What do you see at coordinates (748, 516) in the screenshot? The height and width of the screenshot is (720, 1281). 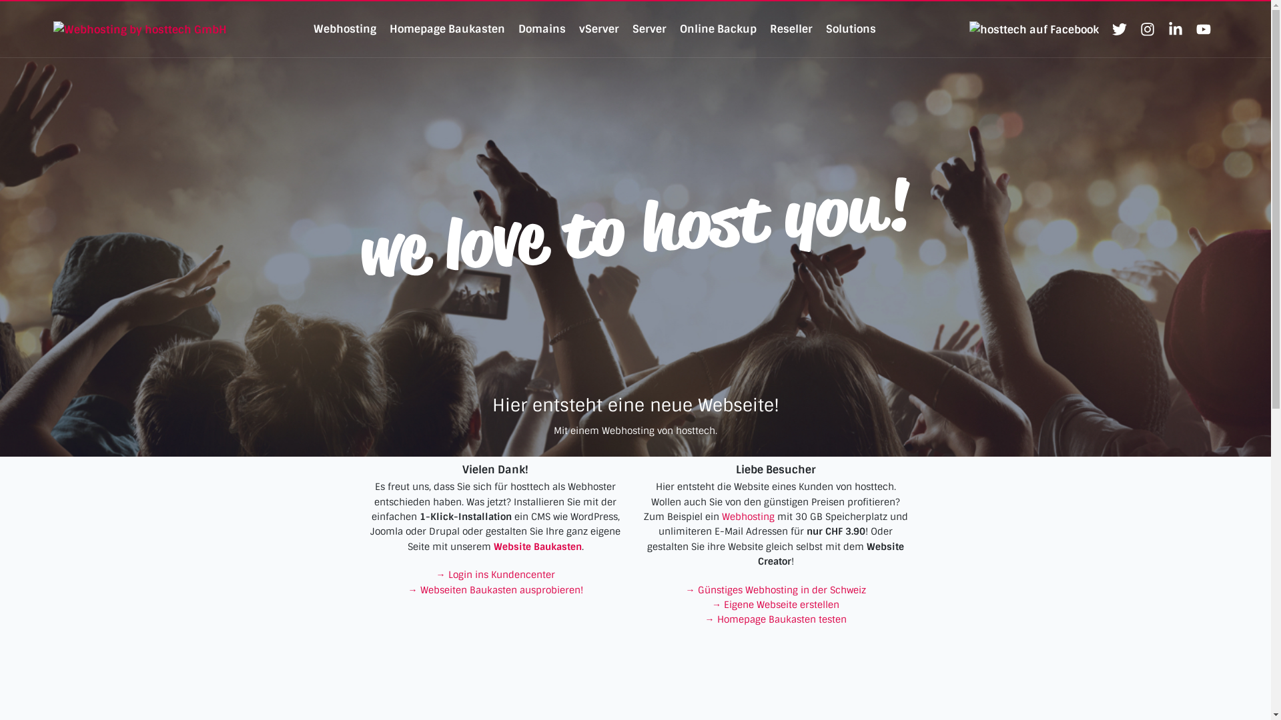 I see `'Webhosting'` at bounding box center [748, 516].